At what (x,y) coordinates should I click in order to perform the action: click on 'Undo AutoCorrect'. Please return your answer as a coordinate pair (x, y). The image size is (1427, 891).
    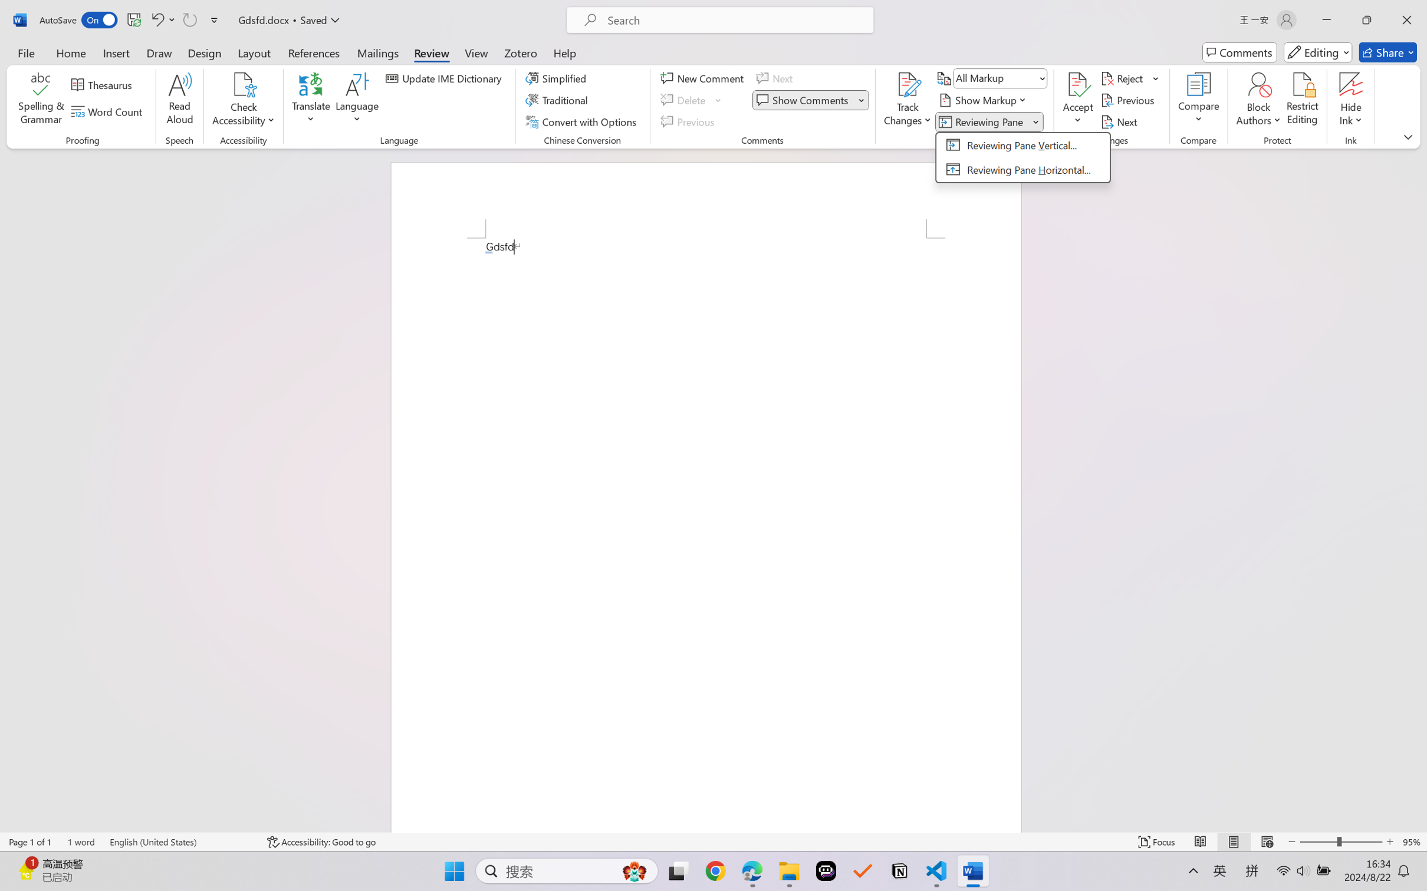
    Looking at the image, I should click on (156, 19).